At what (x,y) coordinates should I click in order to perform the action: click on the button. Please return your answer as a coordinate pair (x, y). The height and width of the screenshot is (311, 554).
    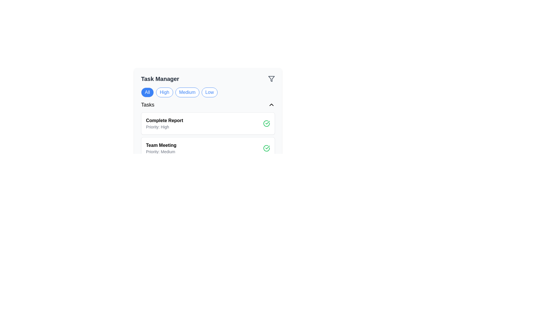
    Looking at the image, I should click on (271, 105).